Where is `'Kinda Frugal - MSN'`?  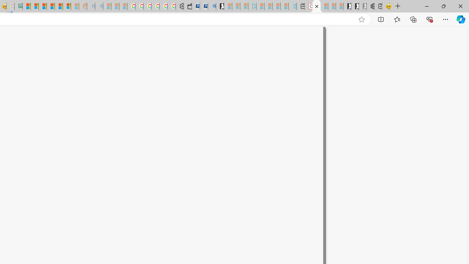 'Kinda Frugal - MSN' is located at coordinates (59, 6).